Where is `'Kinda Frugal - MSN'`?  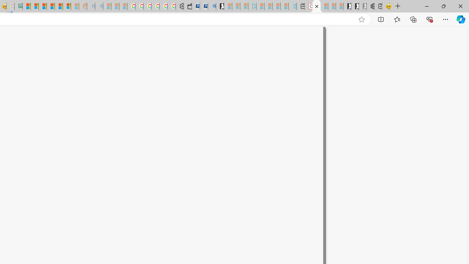 'Kinda Frugal - MSN' is located at coordinates (59, 6).